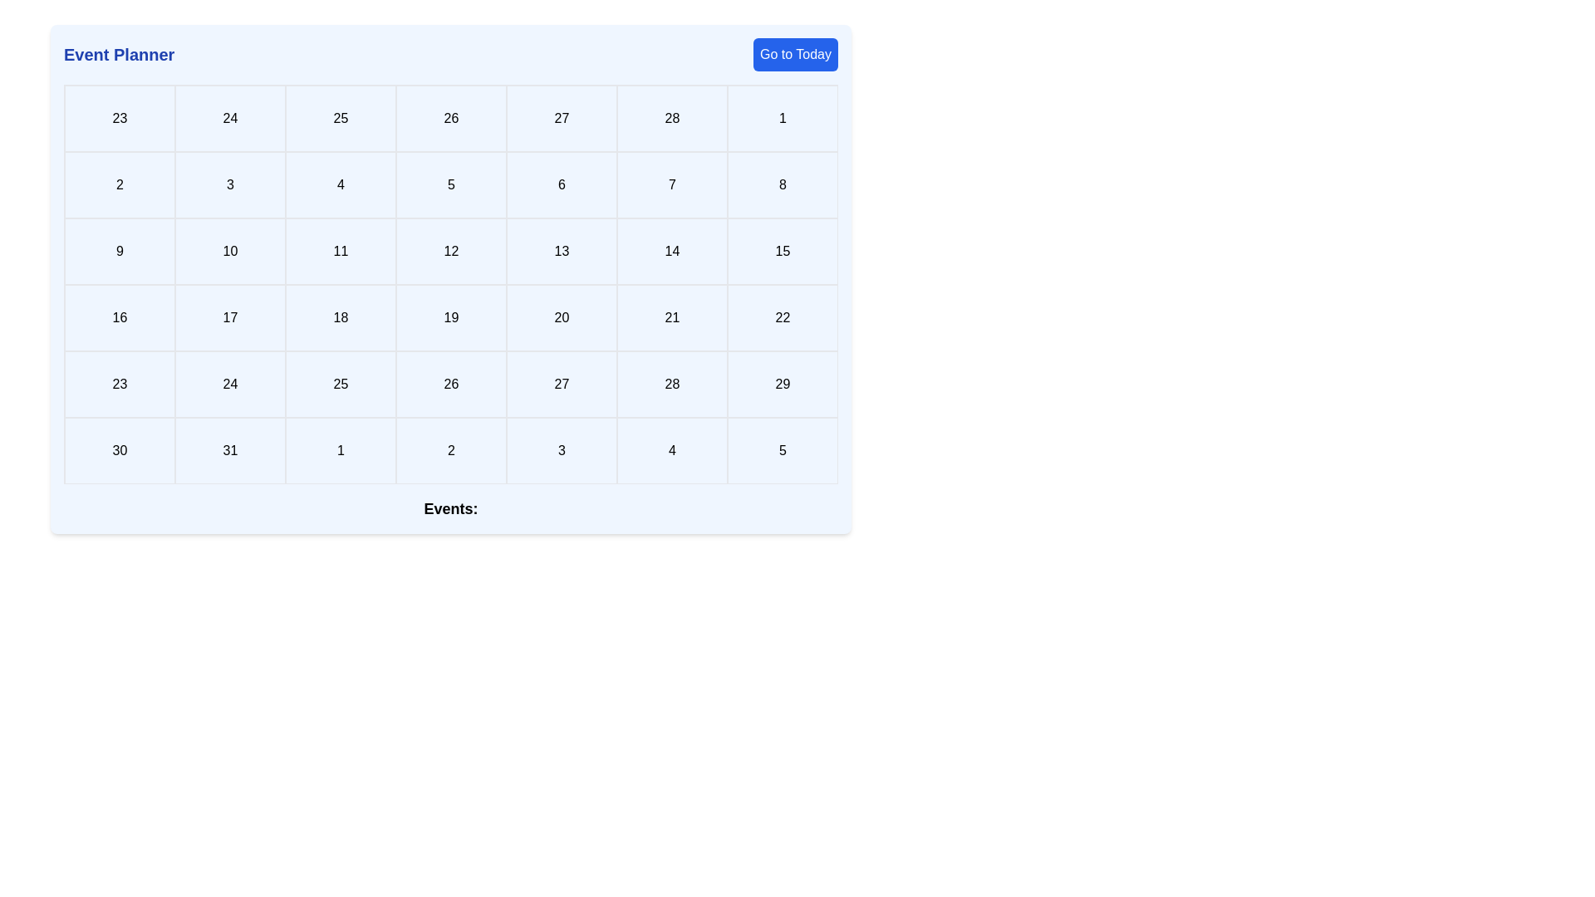 The width and height of the screenshot is (1595, 897). What do you see at coordinates (451, 252) in the screenshot?
I see `the Calendar Day Cell containing the number '12'` at bounding box center [451, 252].